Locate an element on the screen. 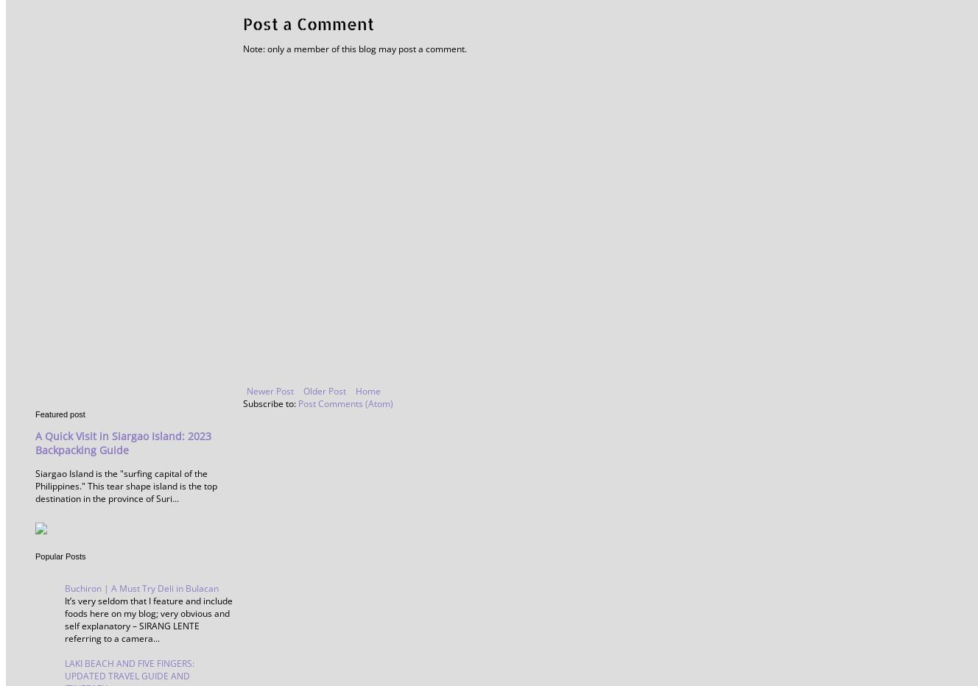 The width and height of the screenshot is (978, 686). 'Popular Posts' is located at coordinates (60, 556).